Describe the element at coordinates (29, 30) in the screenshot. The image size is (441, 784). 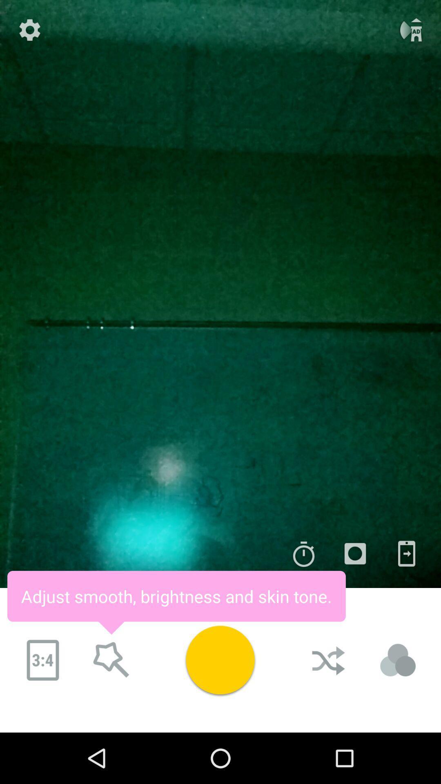
I see `the settings icon` at that location.